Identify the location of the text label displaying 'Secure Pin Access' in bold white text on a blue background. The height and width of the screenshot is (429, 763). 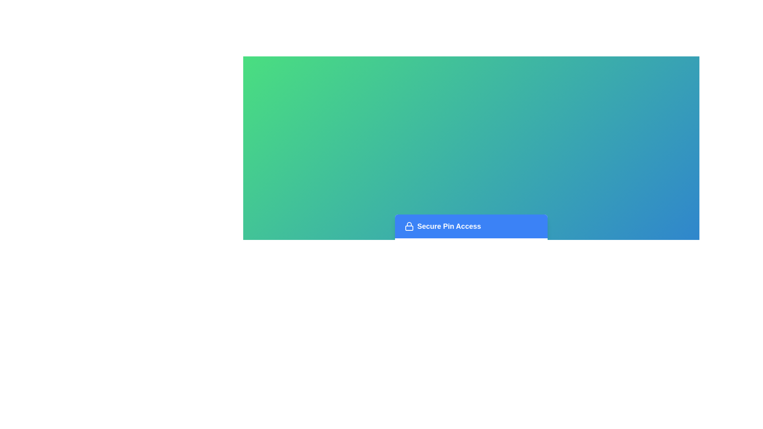
(449, 226).